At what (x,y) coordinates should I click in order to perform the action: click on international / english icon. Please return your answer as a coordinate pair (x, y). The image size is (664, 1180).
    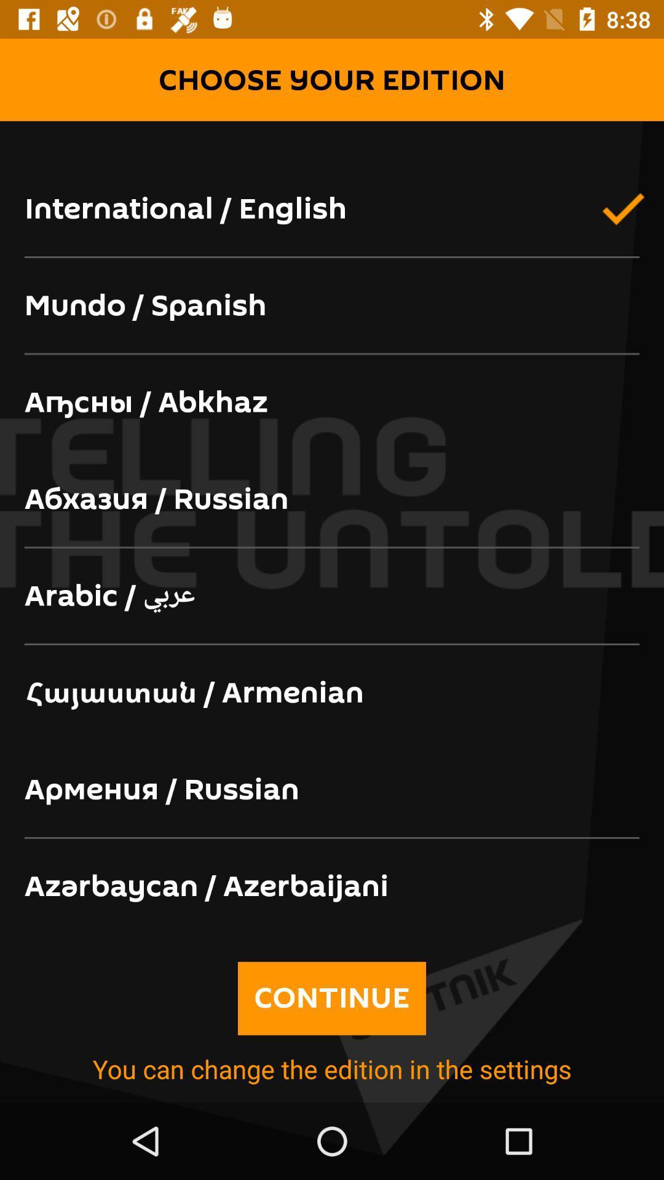
    Looking at the image, I should click on (332, 210).